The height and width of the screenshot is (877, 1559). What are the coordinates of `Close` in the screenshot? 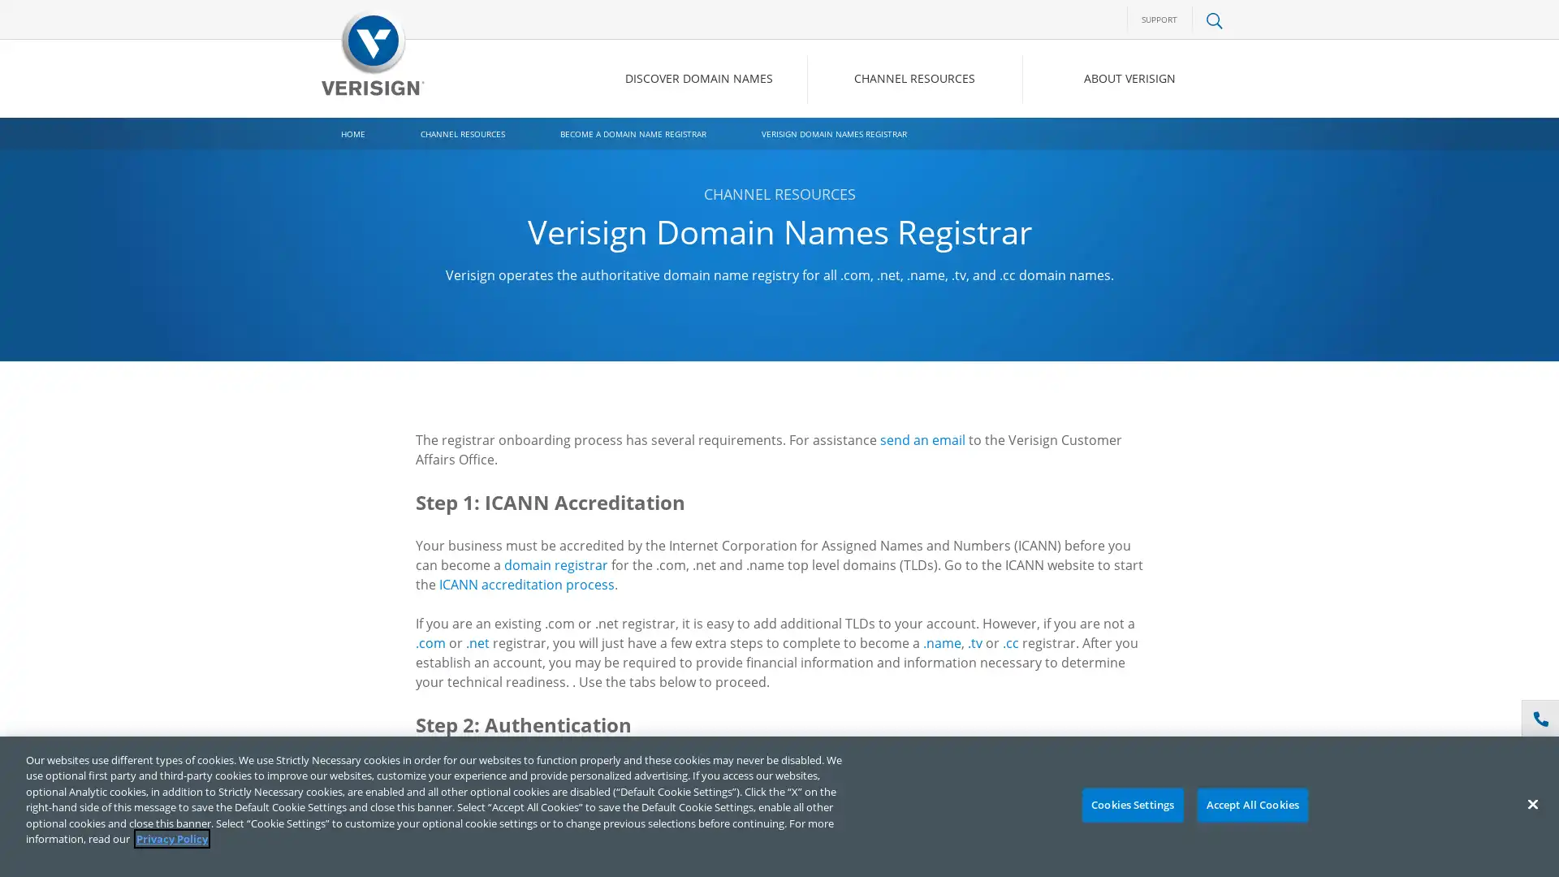 It's located at (1531, 804).